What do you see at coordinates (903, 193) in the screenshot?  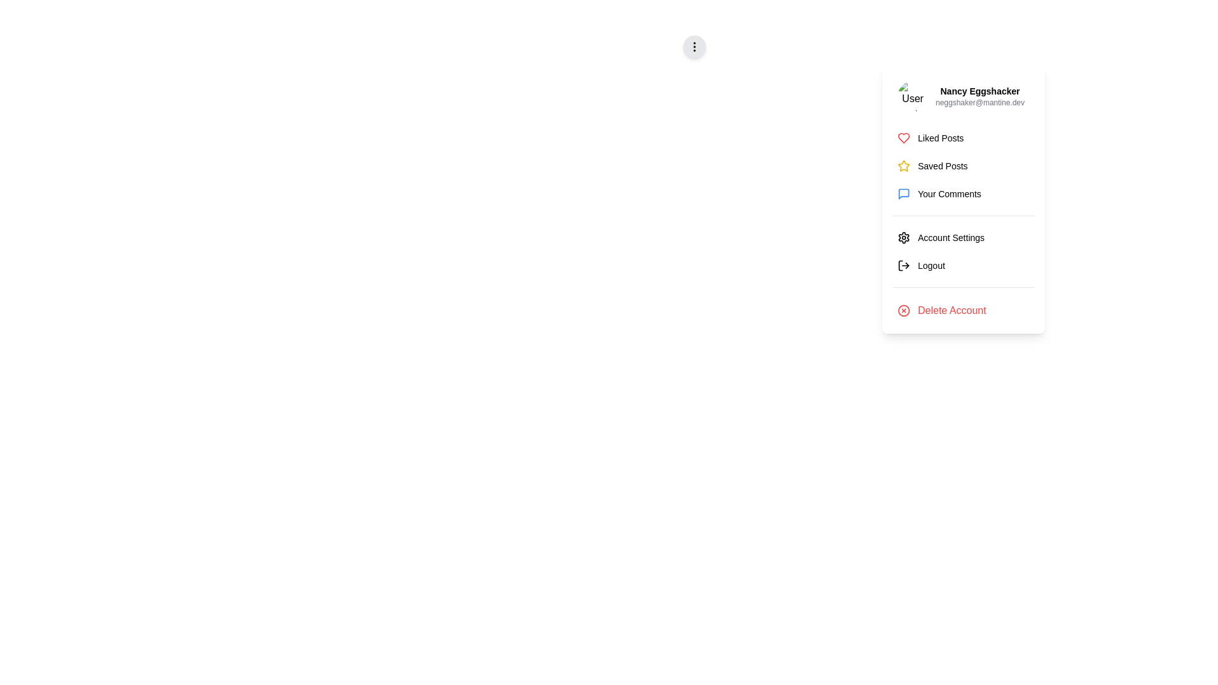 I see `the third icon in the menu that serves as a visual cue for the 'Your Comments' option` at bounding box center [903, 193].